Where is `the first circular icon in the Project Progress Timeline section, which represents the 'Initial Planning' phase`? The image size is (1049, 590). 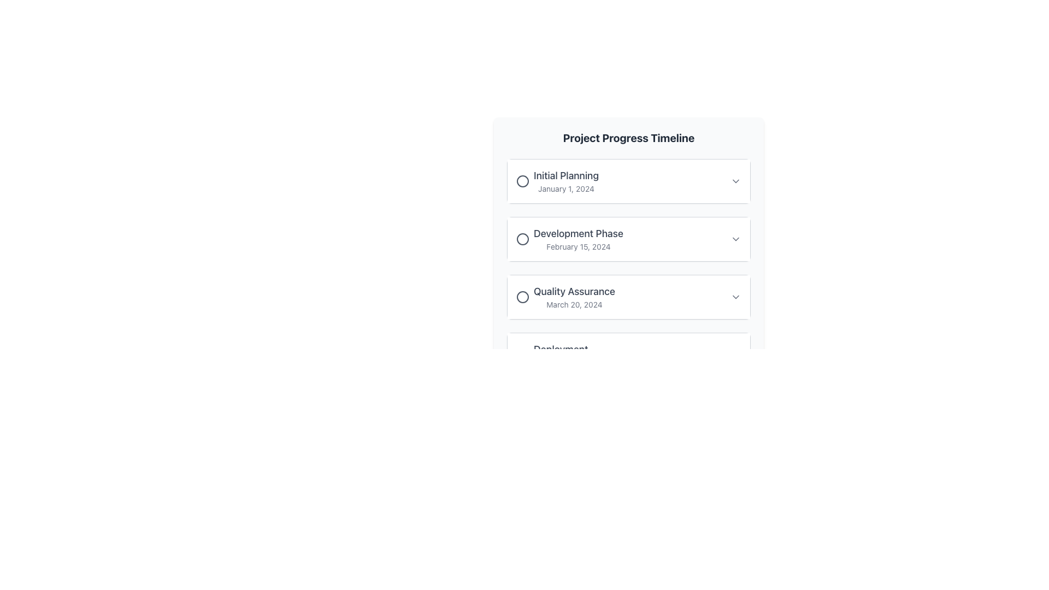
the first circular icon in the Project Progress Timeline section, which represents the 'Initial Planning' phase is located at coordinates (522, 180).